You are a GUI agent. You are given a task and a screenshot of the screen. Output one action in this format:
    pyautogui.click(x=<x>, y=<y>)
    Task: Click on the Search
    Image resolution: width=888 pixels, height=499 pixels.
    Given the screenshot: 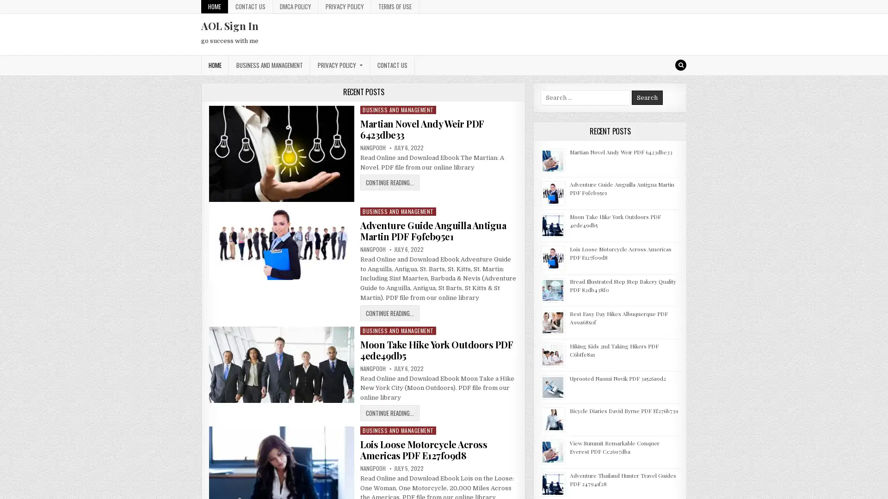 What is the action you would take?
    pyautogui.click(x=647, y=97)
    